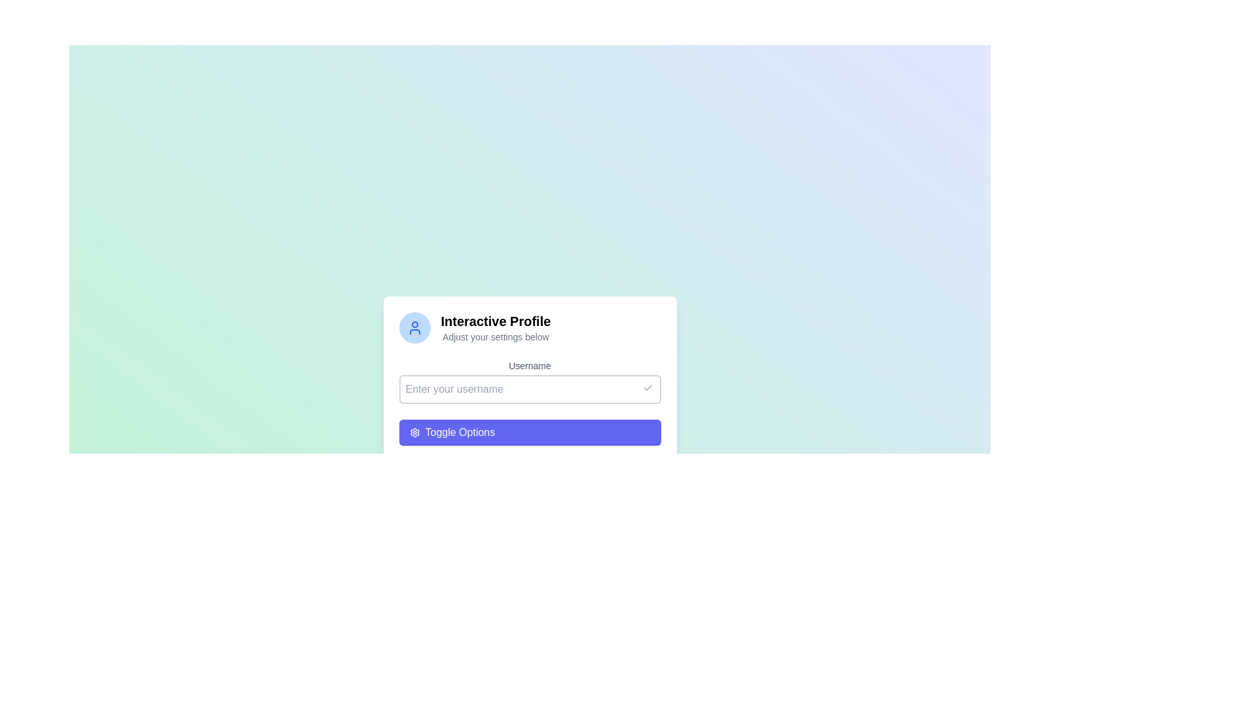 This screenshot has height=707, width=1257. What do you see at coordinates (414, 432) in the screenshot?
I see `the gear-shaped icon with a blue background and white outlines, located to the left of the 'Toggle Options' button` at bounding box center [414, 432].